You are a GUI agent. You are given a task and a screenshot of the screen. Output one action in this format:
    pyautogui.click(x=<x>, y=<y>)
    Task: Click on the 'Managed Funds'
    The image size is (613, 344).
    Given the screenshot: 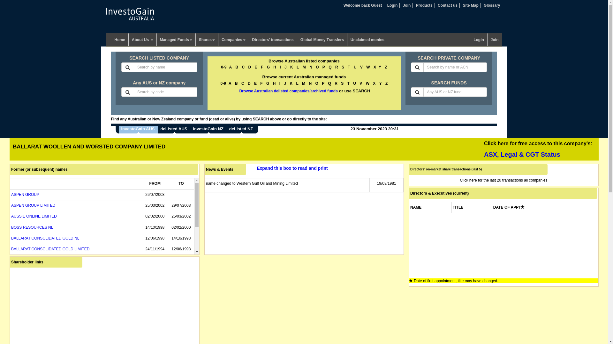 What is the action you would take?
    pyautogui.click(x=176, y=39)
    